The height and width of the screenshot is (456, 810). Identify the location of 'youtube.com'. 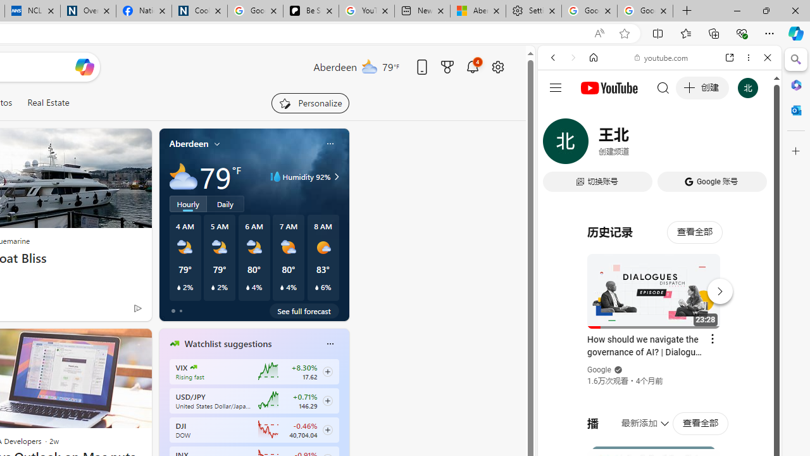
(661, 58).